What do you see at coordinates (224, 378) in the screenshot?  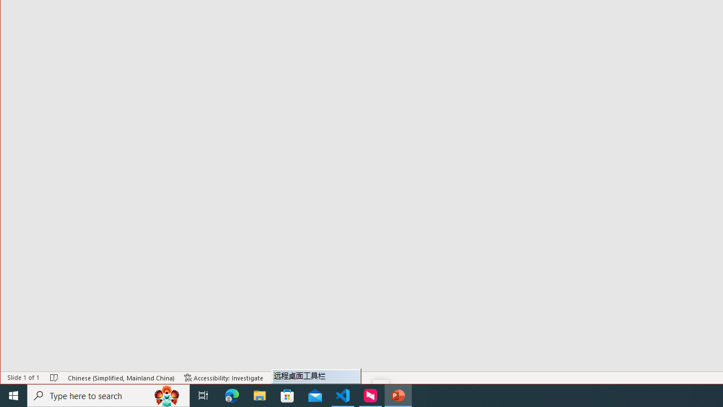 I see `'Accessibility Checker Accessibility: Investigate'` at bounding box center [224, 378].